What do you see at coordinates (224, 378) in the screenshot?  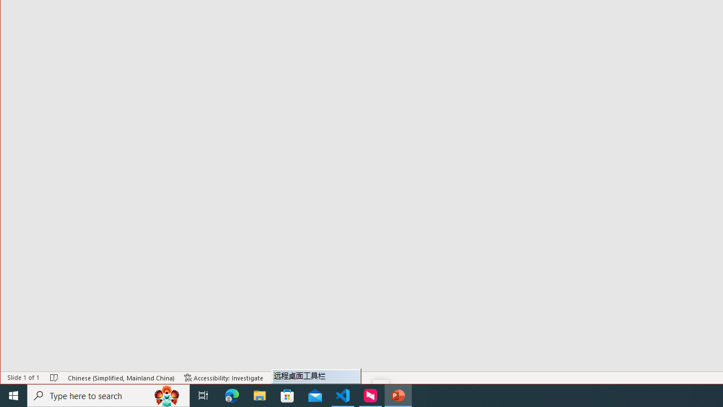 I see `'Accessibility Checker Accessibility: Investigate'` at bounding box center [224, 378].